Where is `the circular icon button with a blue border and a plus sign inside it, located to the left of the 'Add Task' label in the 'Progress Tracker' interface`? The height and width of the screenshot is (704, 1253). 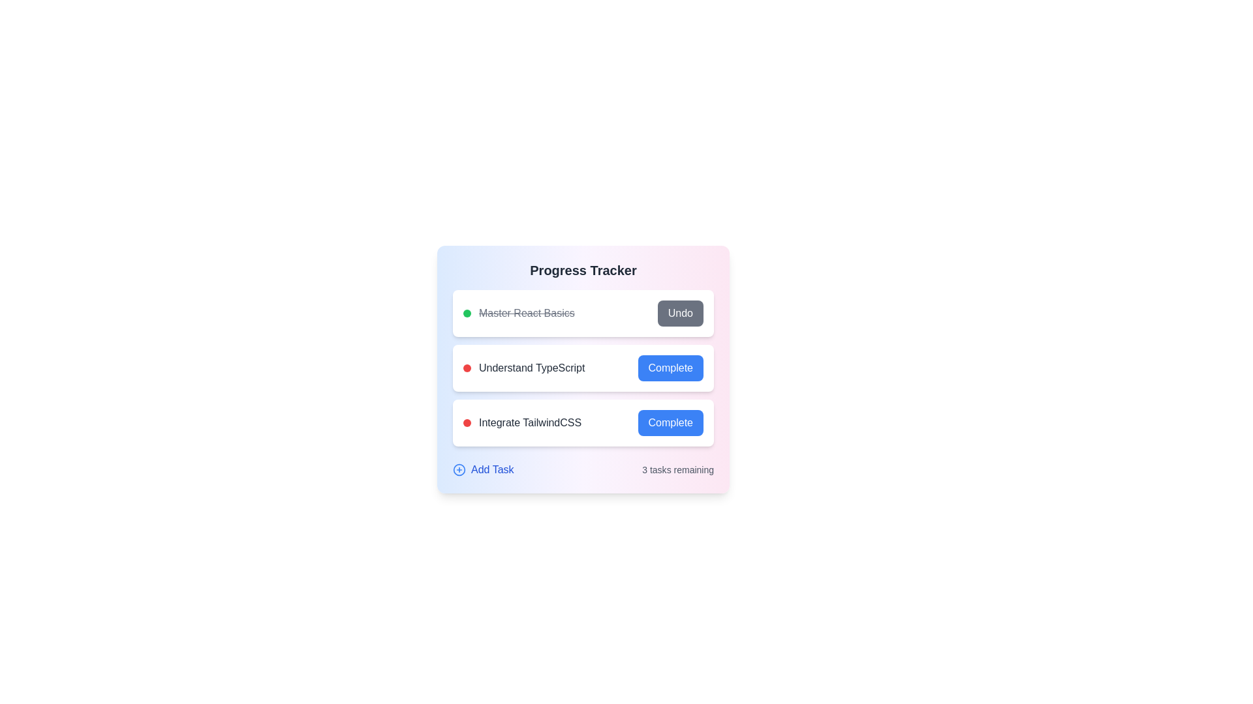
the circular icon button with a blue border and a plus sign inside it, located to the left of the 'Add Task' label in the 'Progress Tracker' interface is located at coordinates (459, 470).